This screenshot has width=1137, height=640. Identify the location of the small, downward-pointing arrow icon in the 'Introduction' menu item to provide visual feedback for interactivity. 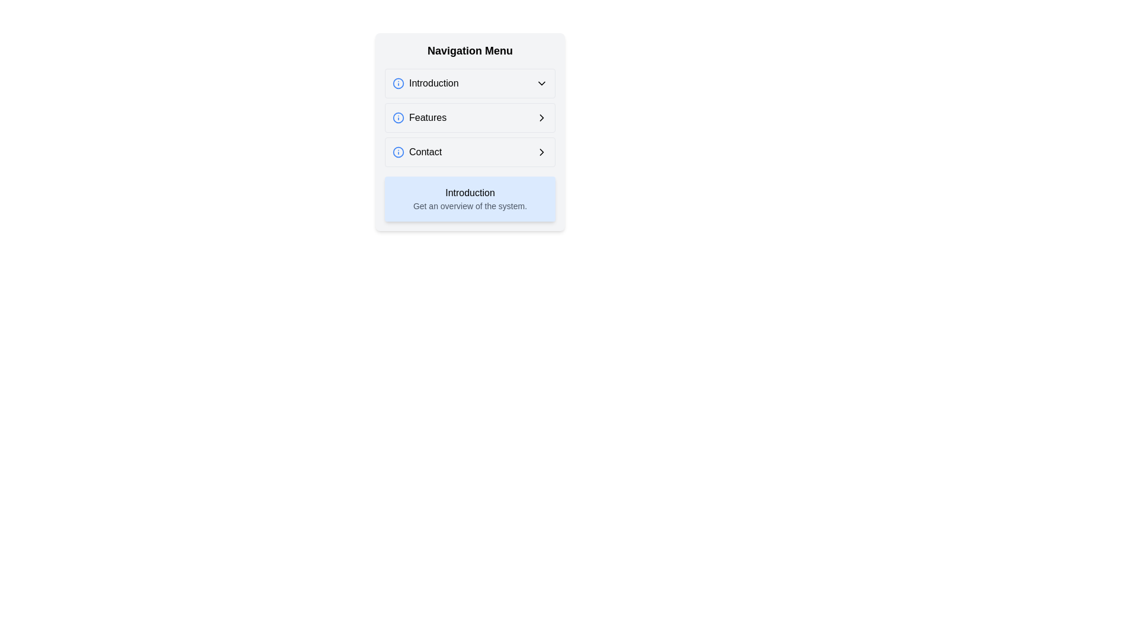
(541, 83).